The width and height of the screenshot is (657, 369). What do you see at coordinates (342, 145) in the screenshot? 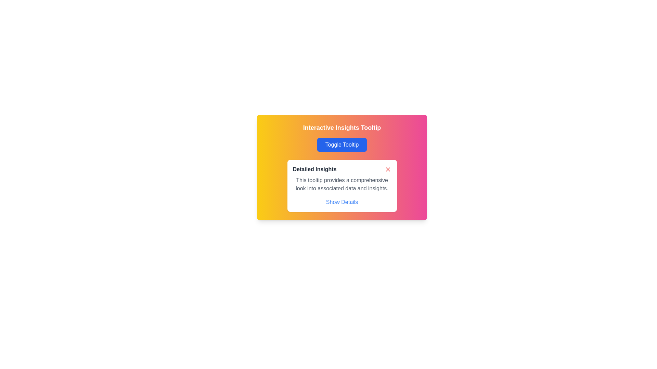
I see `the button located centrally on a gradient background panel, slightly below the title 'Interactive Insights Tooltip'` at bounding box center [342, 145].